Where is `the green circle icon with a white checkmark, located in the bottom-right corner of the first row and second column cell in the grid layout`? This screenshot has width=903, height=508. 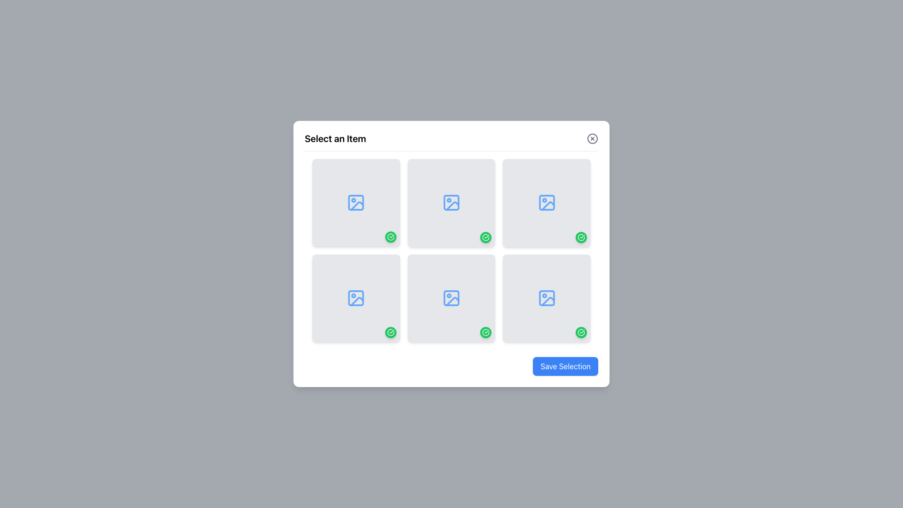
the green circle icon with a white checkmark, located in the bottom-right corner of the first row and second column cell in the grid layout is located at coordinates (390, 237).